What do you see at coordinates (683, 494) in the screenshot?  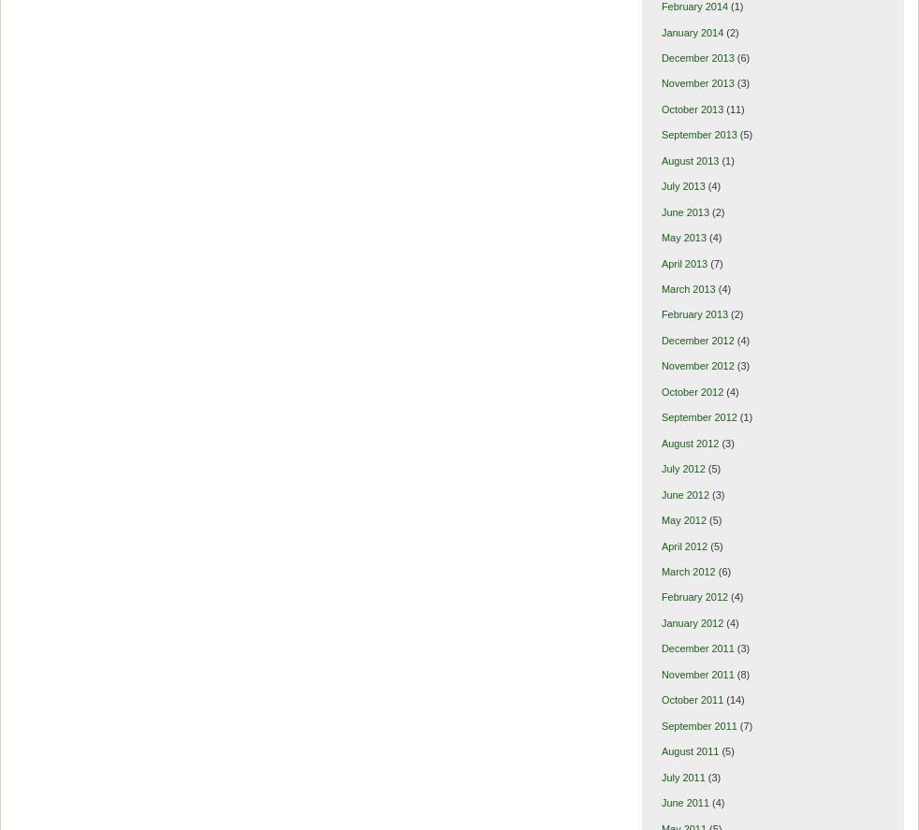 I see `'June 2012'` at bounding box center [683, 494].